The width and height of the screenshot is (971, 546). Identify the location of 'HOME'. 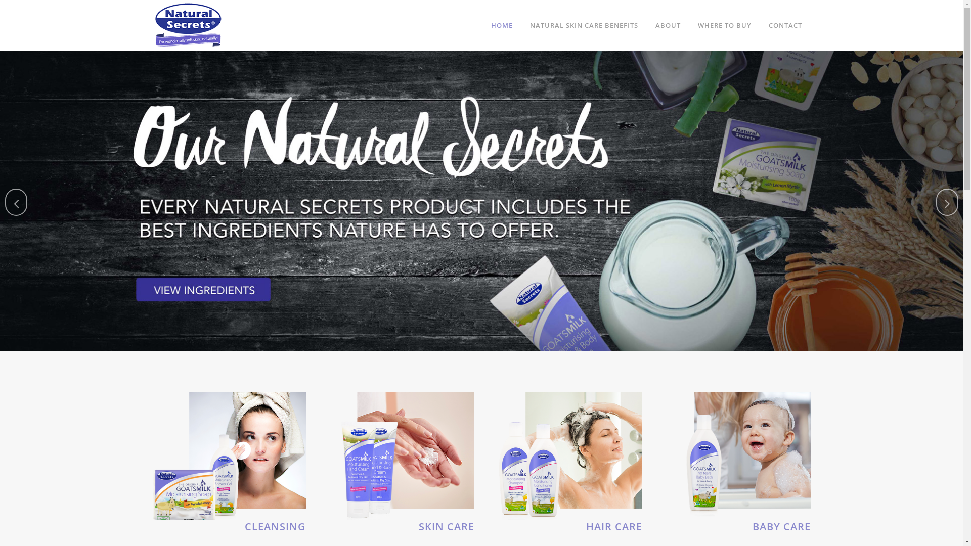
(502, 25).